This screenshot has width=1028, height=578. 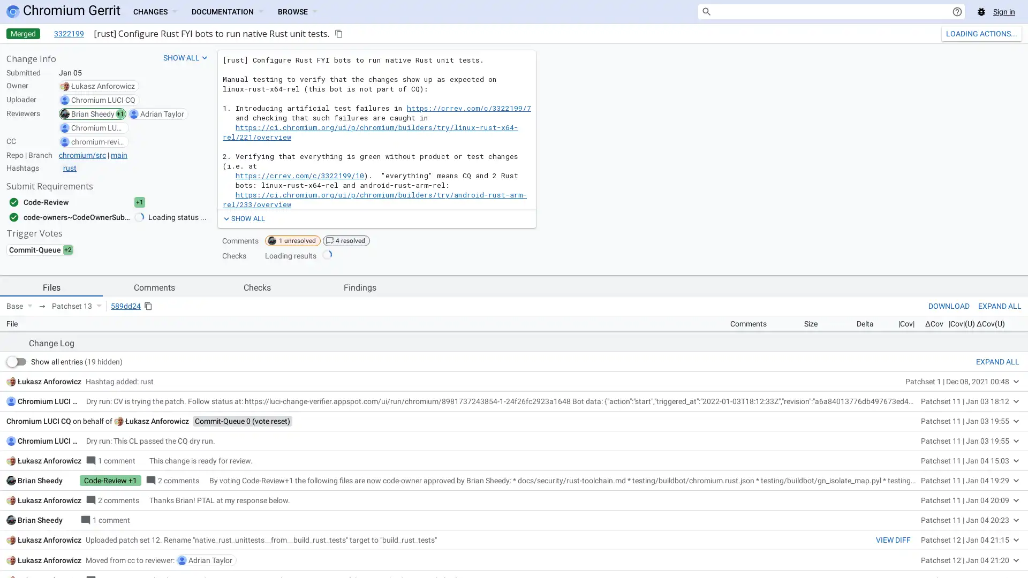 I want to click on INTERNAL, so click(x=929, y=466).